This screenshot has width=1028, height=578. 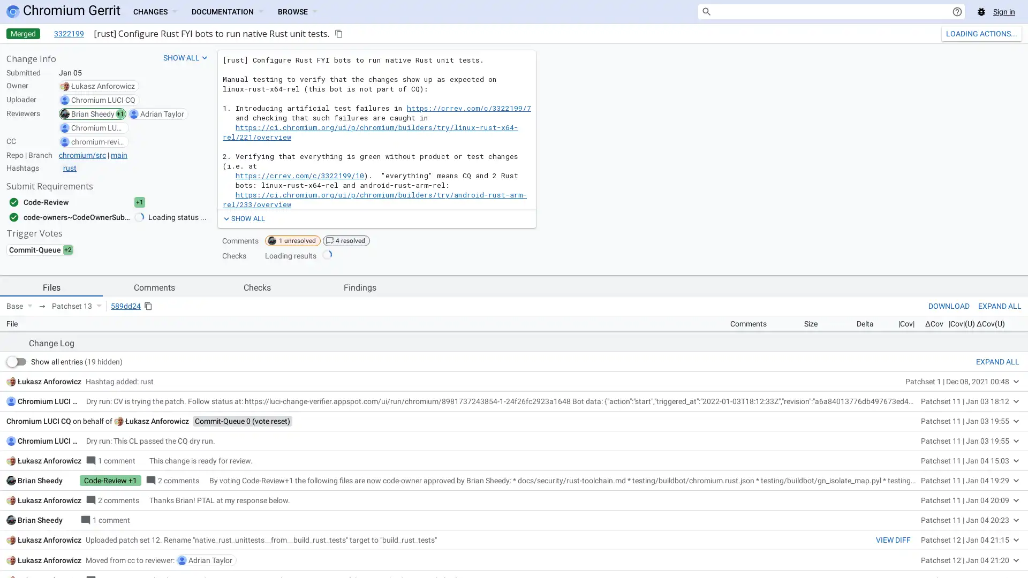 I want to click on INTERNAL, so click(x=929, y=466).